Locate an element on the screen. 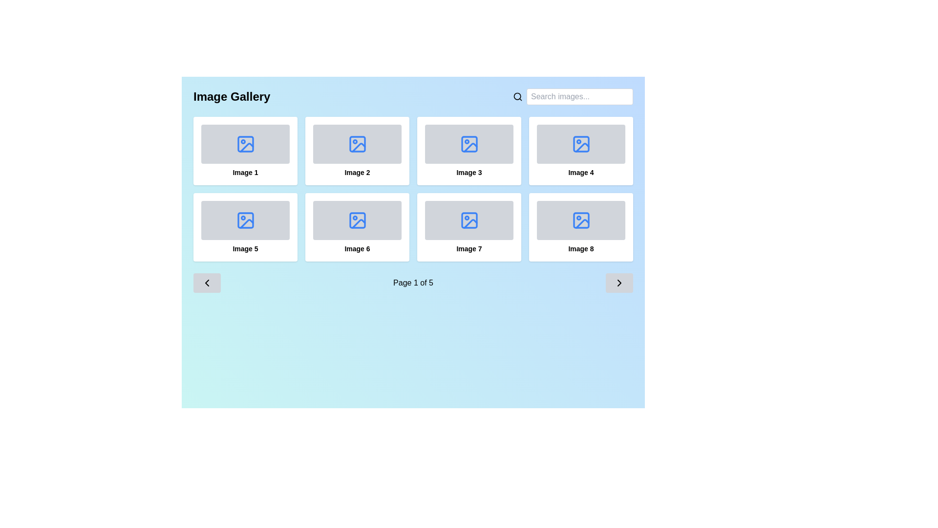  the graphical placeholder with a light gray background and a blue picture frame icon, located inside the tile labeled 'Image 1' is located at coordinates (245, 144).